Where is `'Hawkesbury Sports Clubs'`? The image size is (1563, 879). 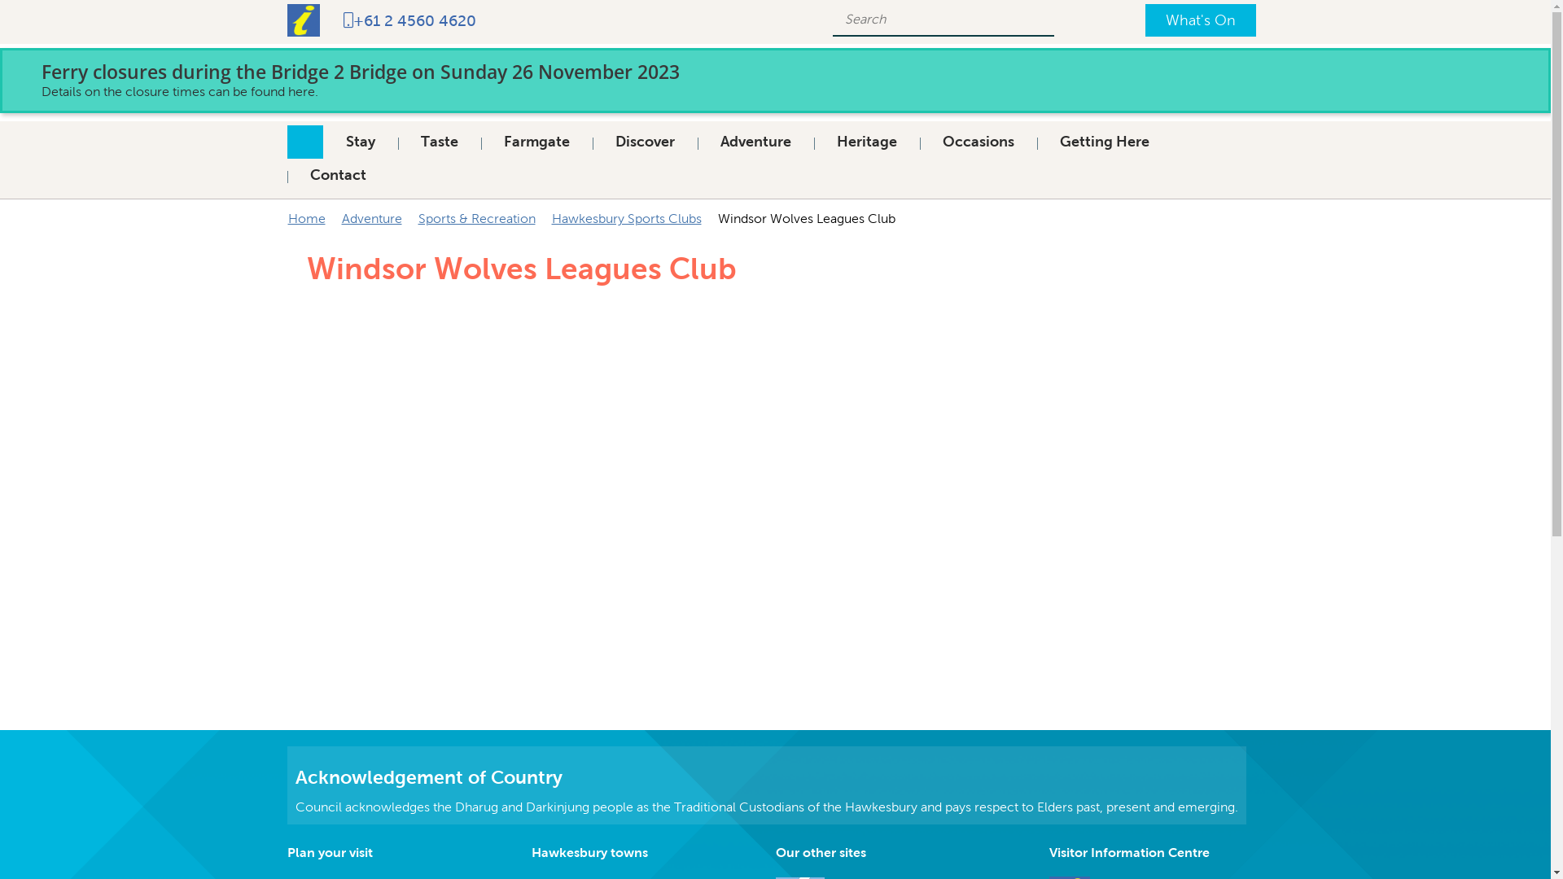
'Hawkesbury Sports Clubs' is located at coordinates (625, 217).